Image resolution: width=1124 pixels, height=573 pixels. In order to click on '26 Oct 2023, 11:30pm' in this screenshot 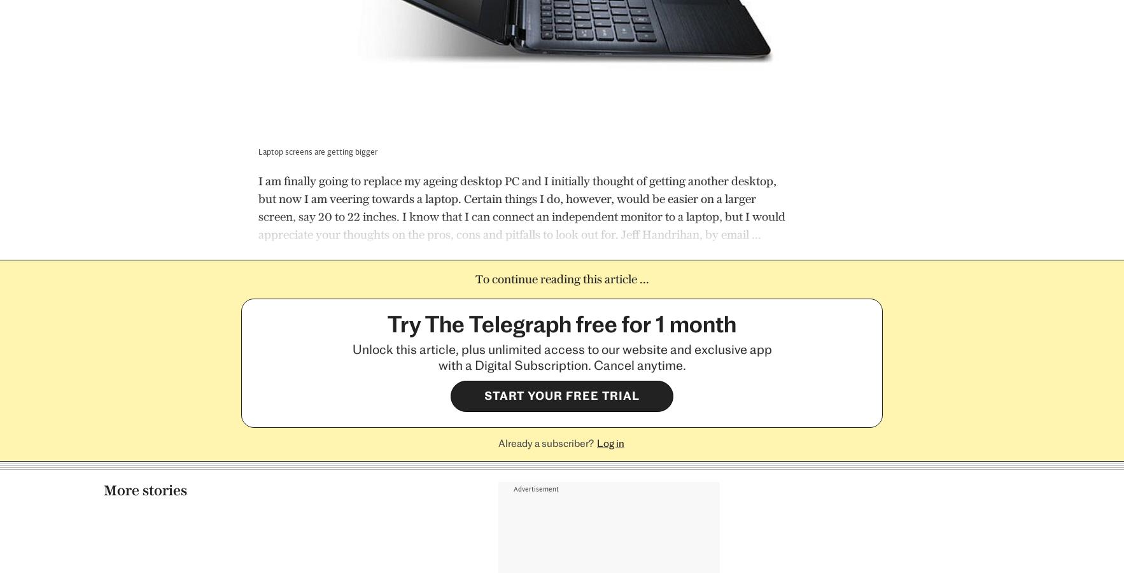, I will do `click(758, 542)`.